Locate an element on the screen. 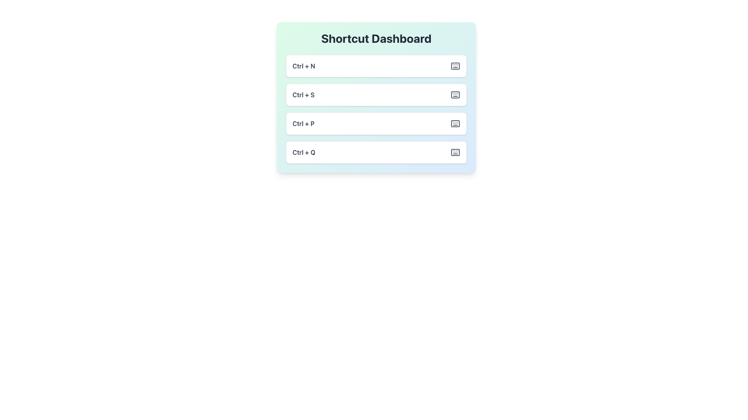 The height and width of the screenshot is (420, 748). the descriptive interactive box element representing the 'save' shortcut with the 'Ctrl + S' key combination, located in the 'Shortcut Dashboard' is located at coordinates (376, 94).